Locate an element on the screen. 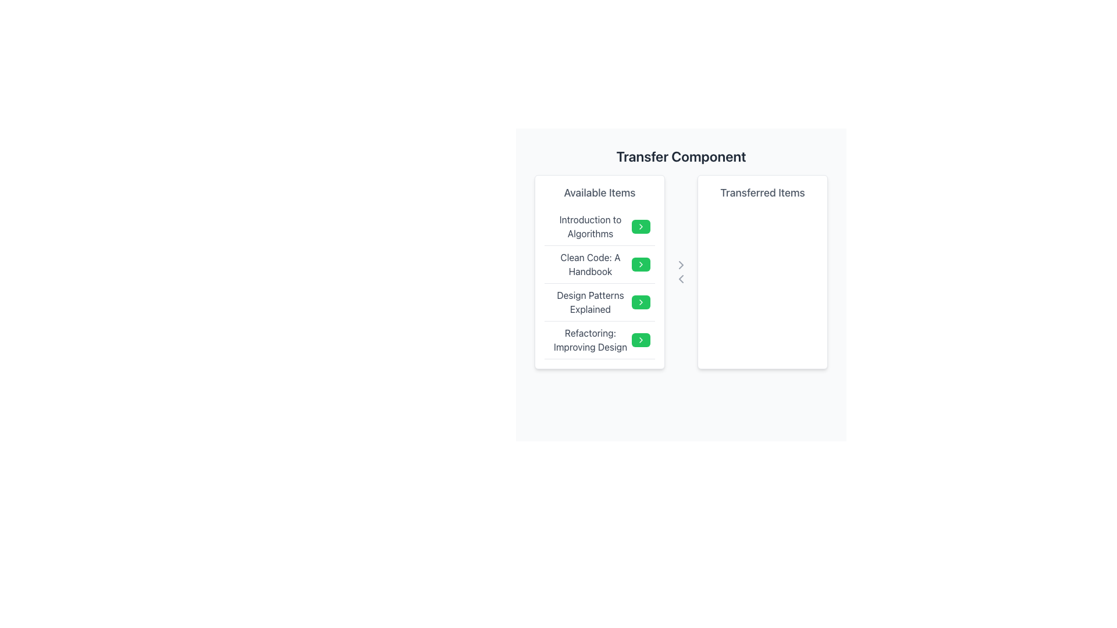  the text label element displaying 'Refactoring: Improving Design' which is the fourth item in the 'Available Items' section is located at coordinates (590, 340).